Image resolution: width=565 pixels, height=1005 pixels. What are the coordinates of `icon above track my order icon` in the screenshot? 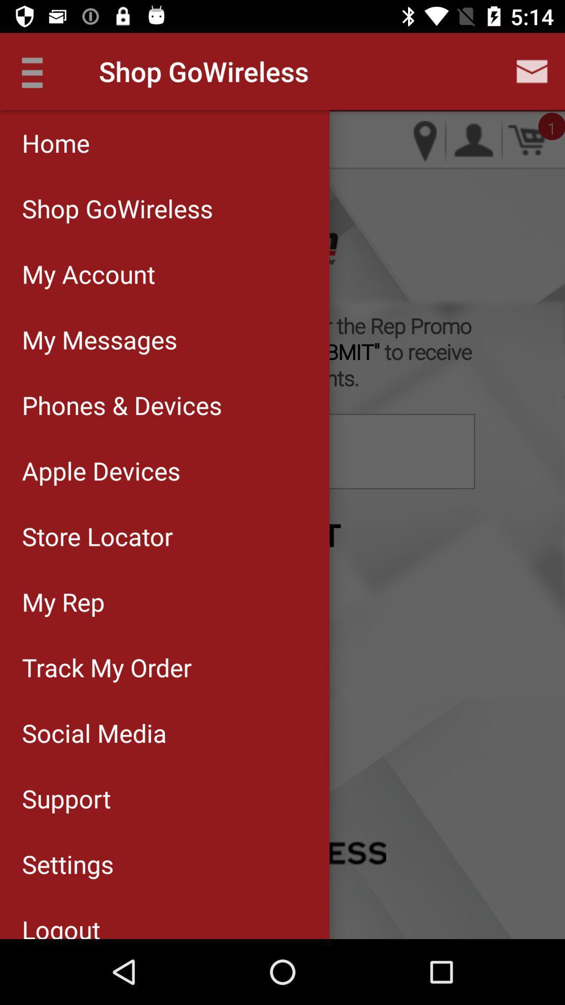 It's located at (165, 601).